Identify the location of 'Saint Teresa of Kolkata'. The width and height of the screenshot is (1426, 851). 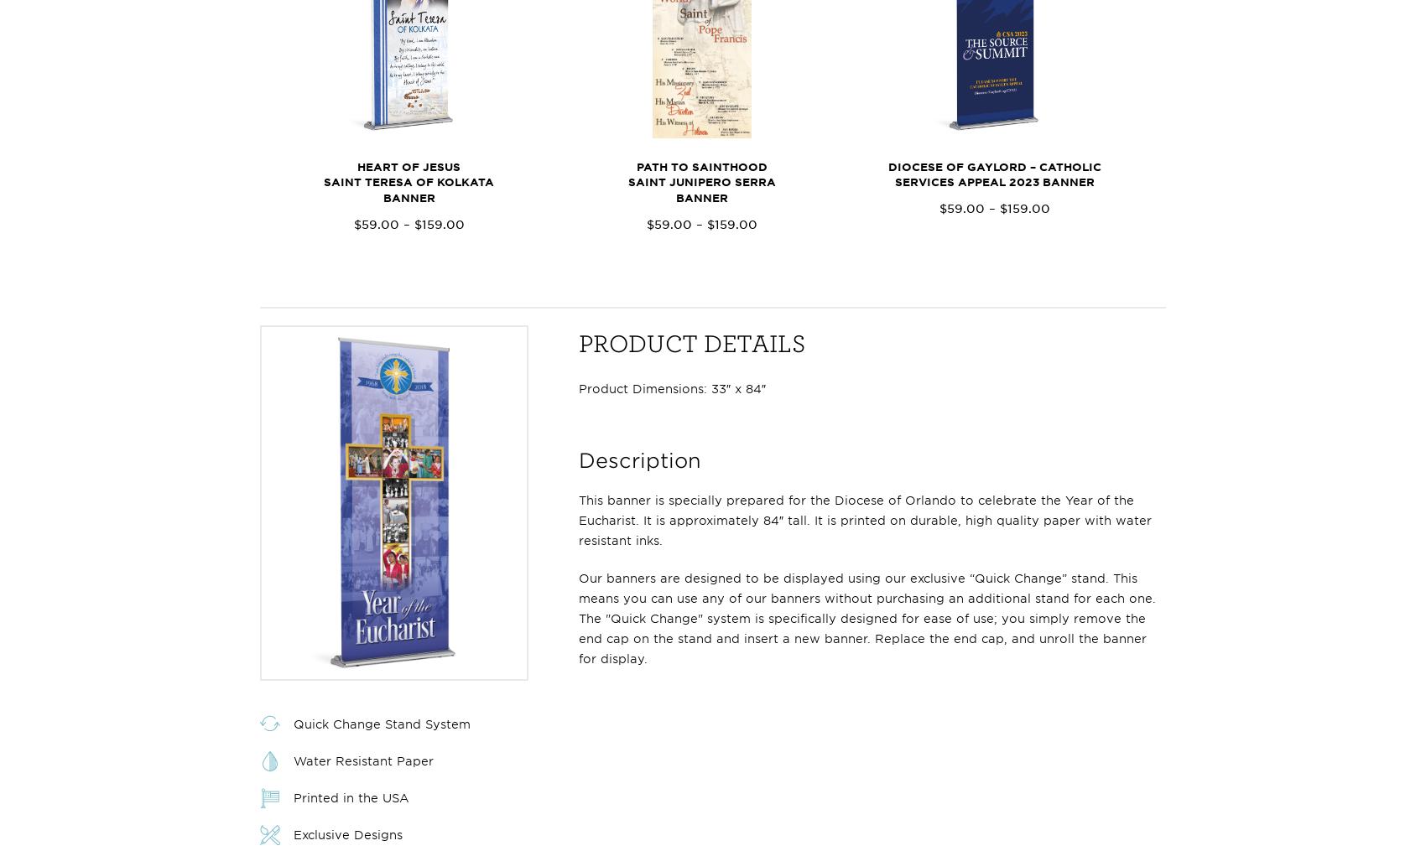
(409, 181).